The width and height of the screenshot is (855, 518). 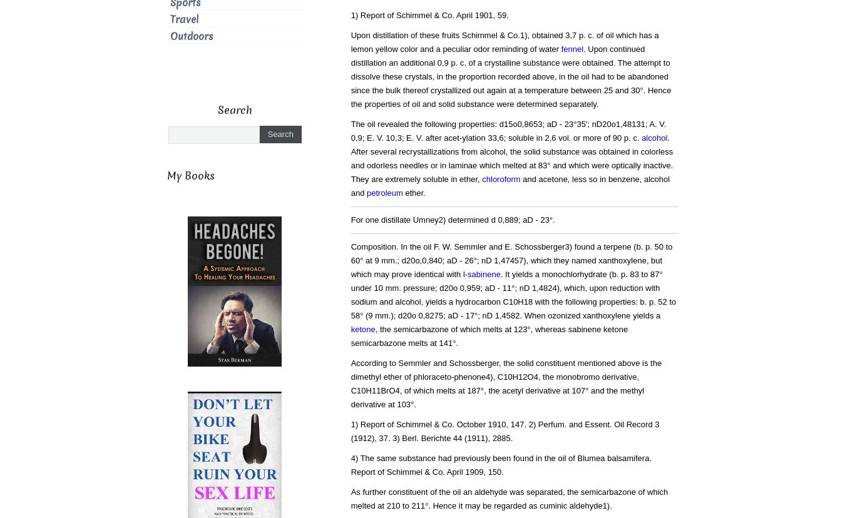 What do you see at coordinates (509, 186) in the screenshot?
I see `'and acetone, less so in benzene, alcohol and'` at bounding box center [509, 186].